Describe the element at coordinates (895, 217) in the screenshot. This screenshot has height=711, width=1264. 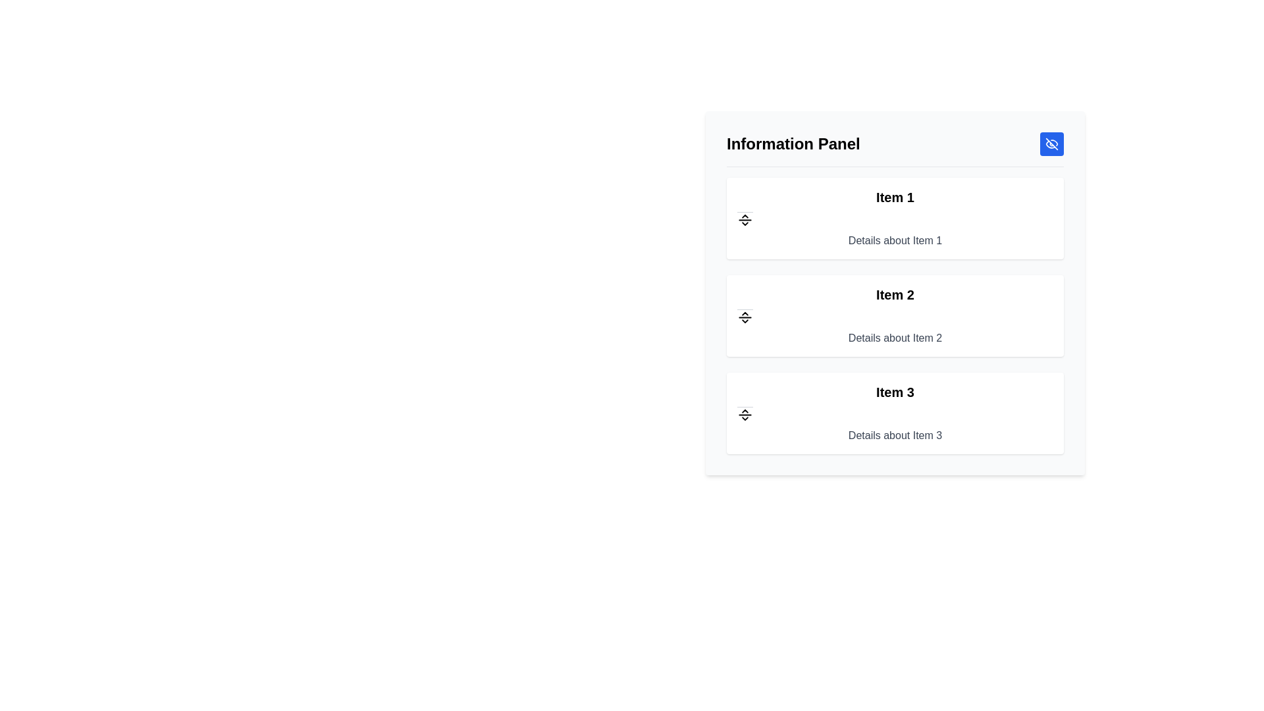
I see `the Information card displaying details for 'Item 1', which is the first card in the vertical list within the 'Information Panel'` at that location.